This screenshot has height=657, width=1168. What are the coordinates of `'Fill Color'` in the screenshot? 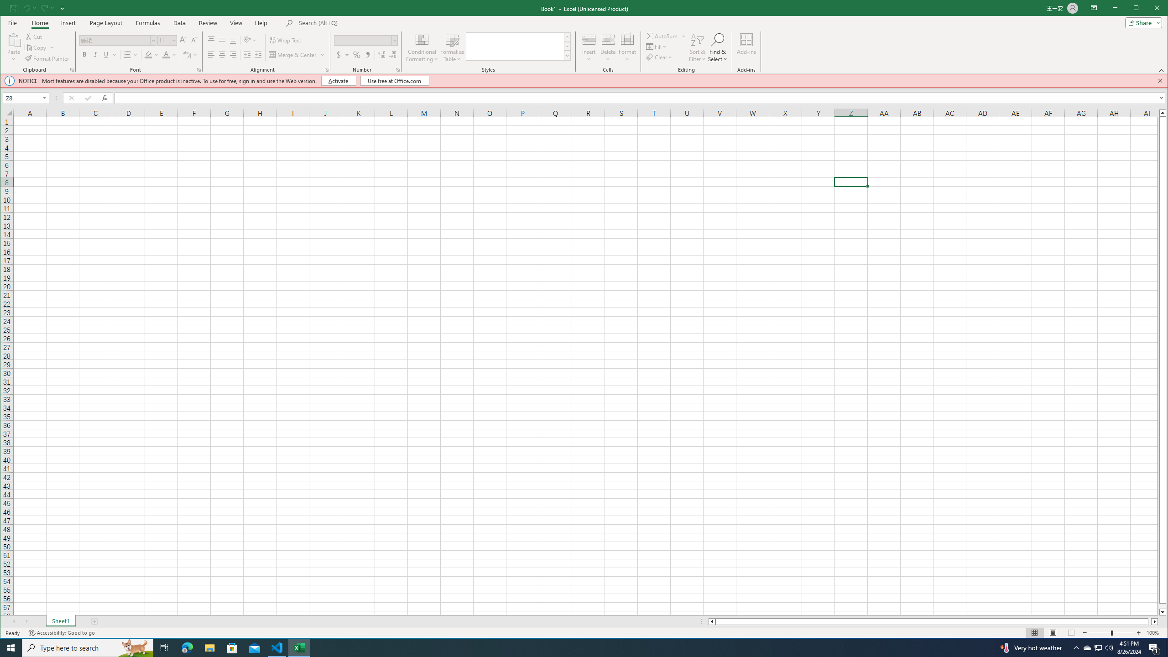 It's located at (148, 54).